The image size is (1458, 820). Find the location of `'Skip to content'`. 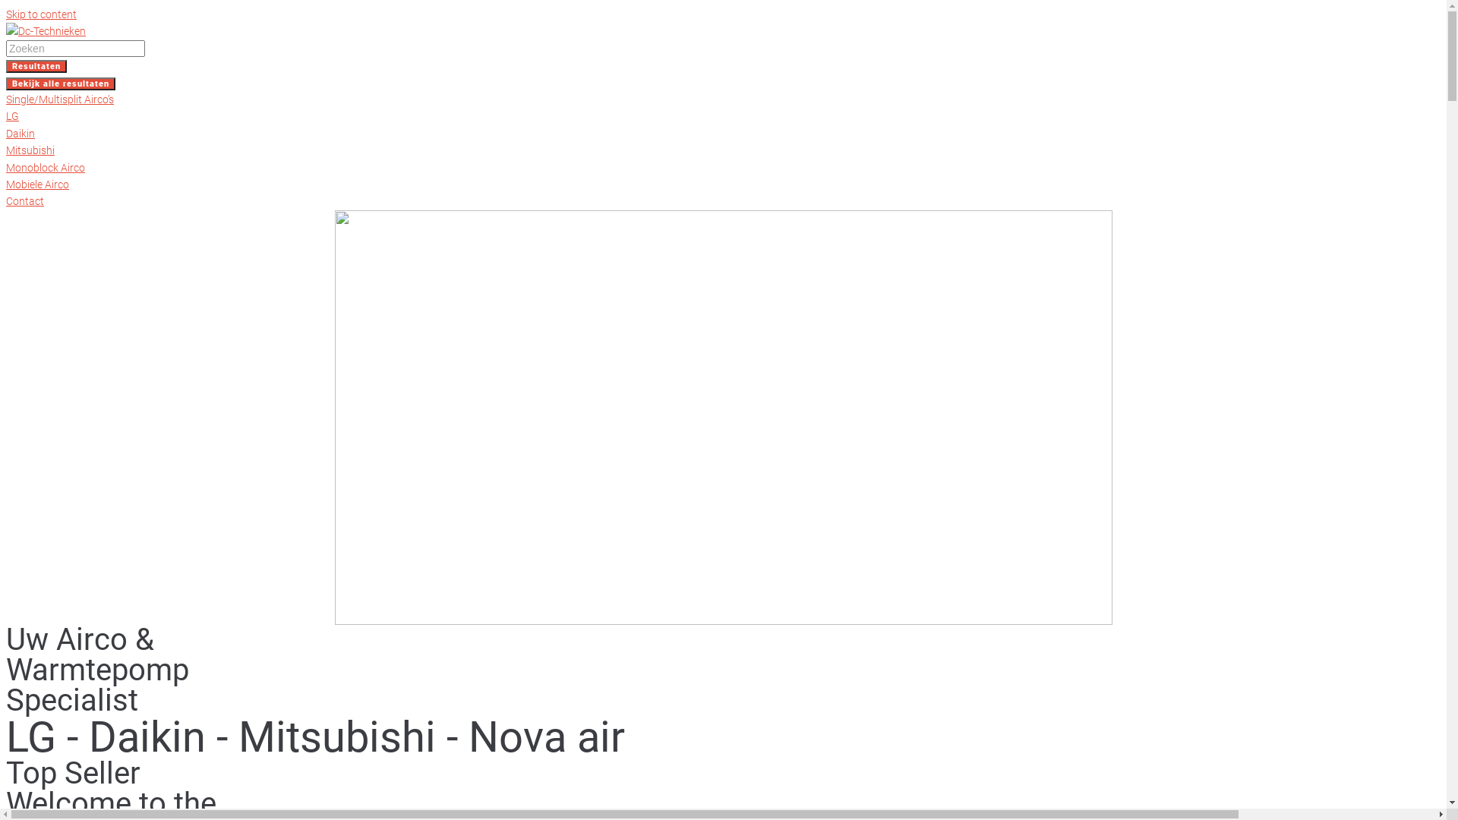

'Skip to content' is located at coordinates (6, 14).